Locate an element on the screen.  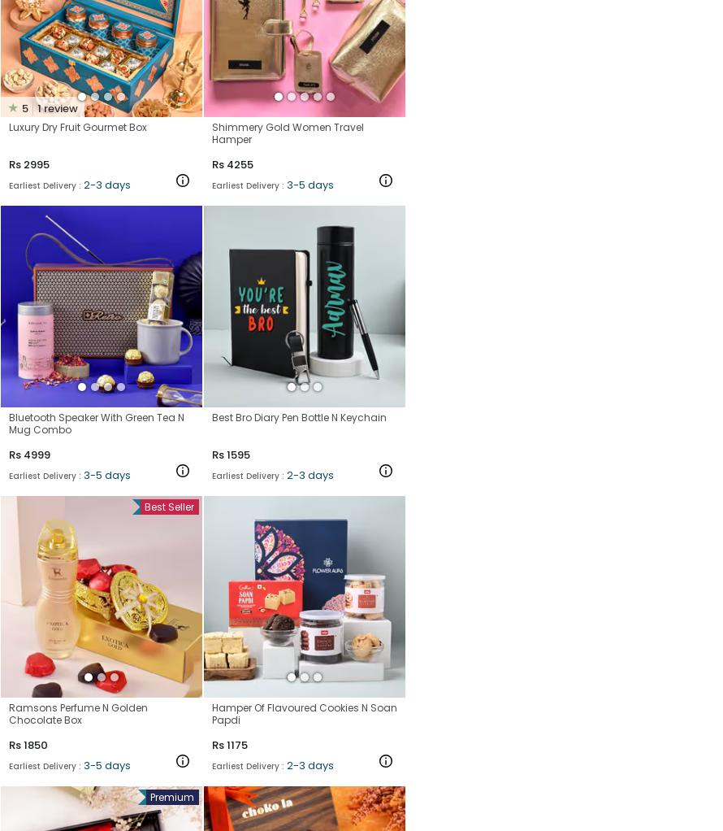
'review' is located at coordinates (44, 107).